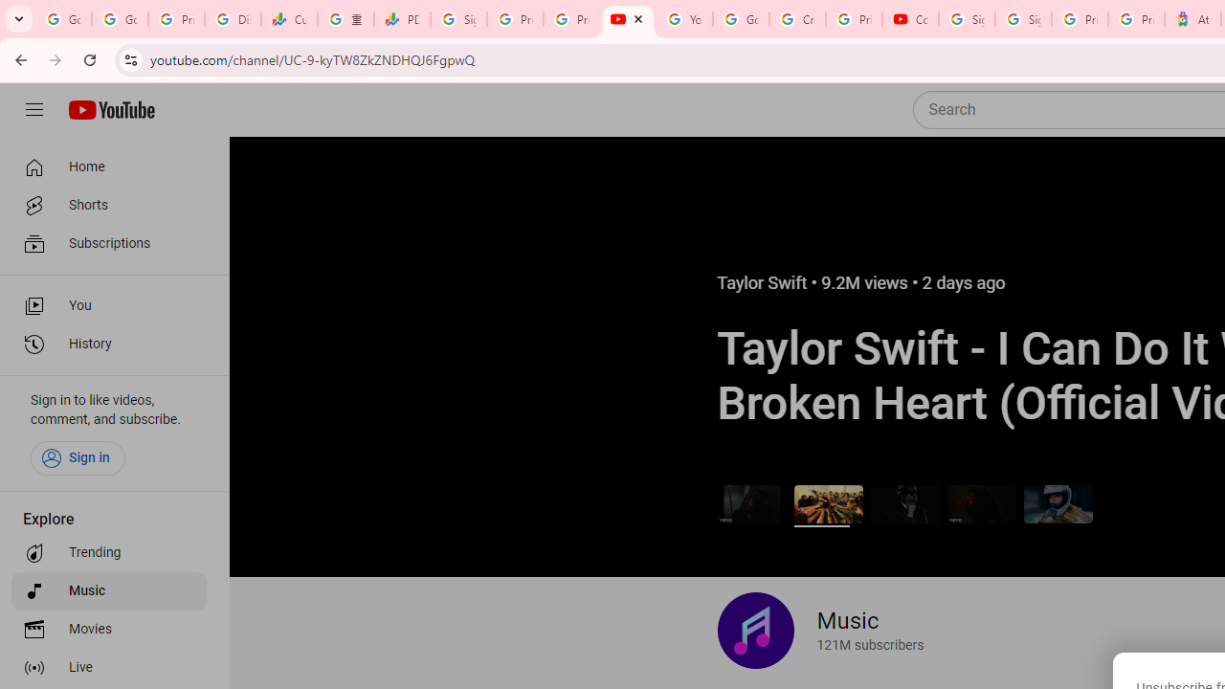 Image resolution: width=1225 pixels, height=689 pixels. I want to click on 'Currencies - Google Finance', so click(288, 19).